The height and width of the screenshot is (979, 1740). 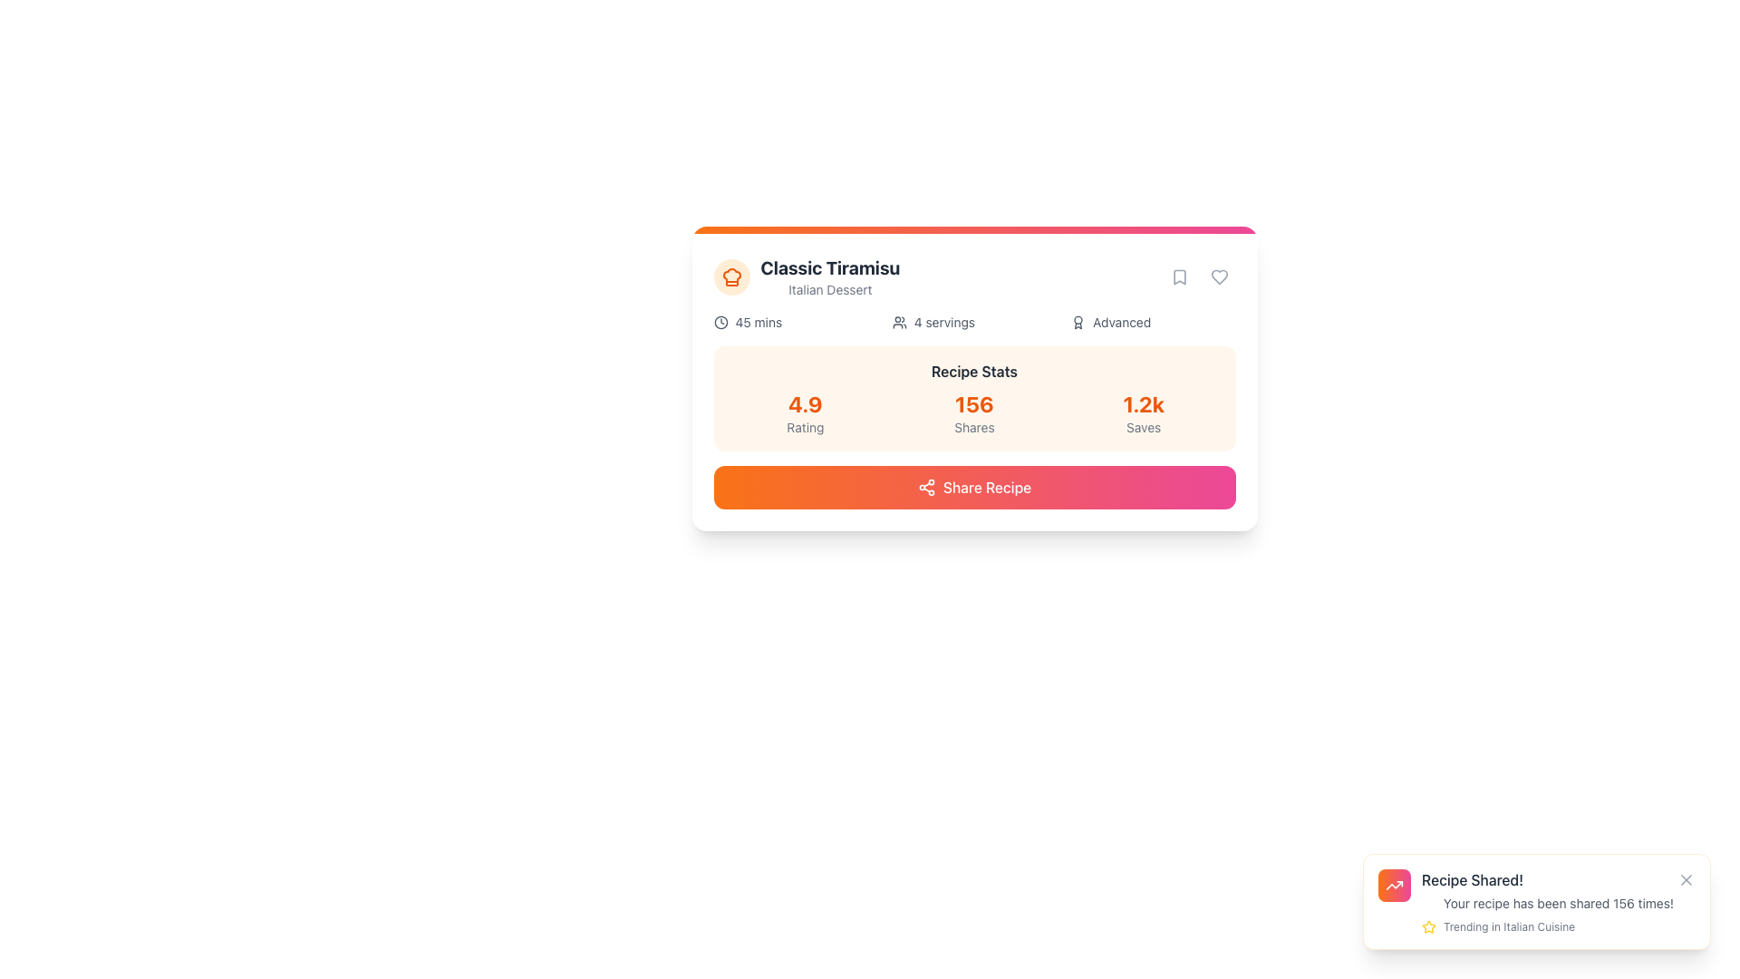 What do you see at coordinates (973, 321) in the screenshot?
I see `information provided by the labeled informational display component indicating the serving size of the recipe, which is suitable for four servings. This component is positioned between '45 mins' and 'Advanced' in the UI layout` at bounding box center [973, 321].